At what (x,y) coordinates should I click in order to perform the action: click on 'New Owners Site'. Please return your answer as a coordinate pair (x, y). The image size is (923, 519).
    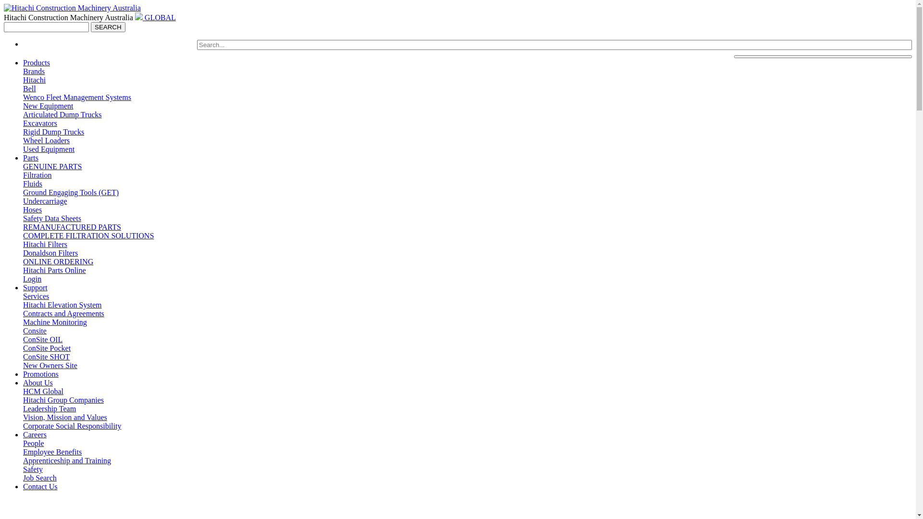
    Looking at the image, I should click on (50, 365).